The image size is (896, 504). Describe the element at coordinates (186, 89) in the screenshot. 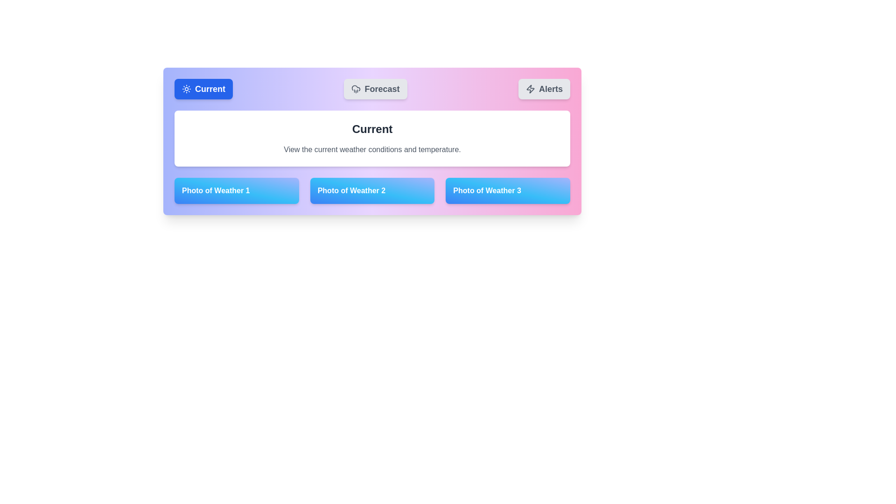

I see `the sun icon located within the blue 'Current' button in the top-left corner of the interface's primary navigation segment` at that location.